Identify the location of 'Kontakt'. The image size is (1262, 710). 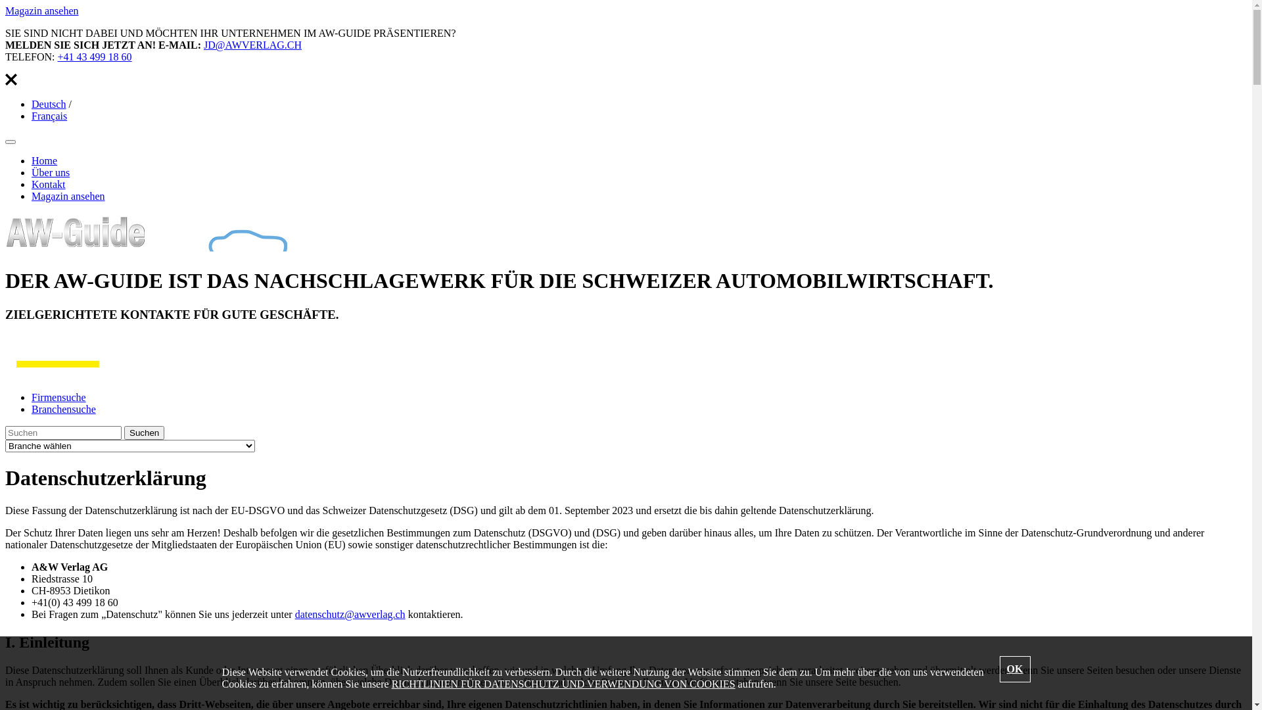
(48, 184).